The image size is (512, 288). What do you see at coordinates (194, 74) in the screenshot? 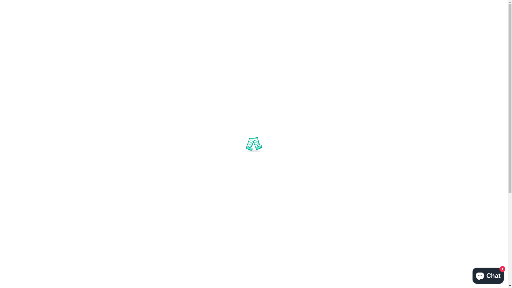
I see `'SHOP OUR RANGE'` at bounding box center [194, 74].